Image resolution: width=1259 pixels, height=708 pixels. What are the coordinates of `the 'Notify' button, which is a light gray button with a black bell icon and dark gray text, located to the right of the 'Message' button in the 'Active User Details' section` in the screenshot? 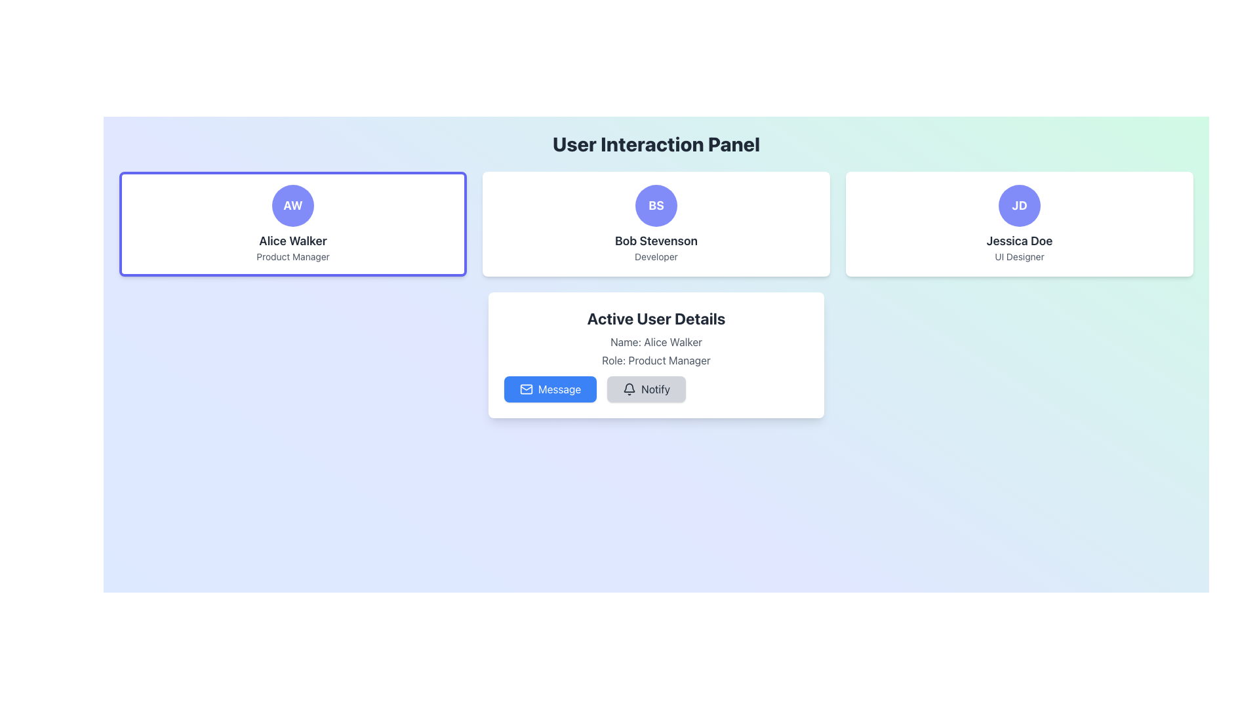 It's located at (647, 389).